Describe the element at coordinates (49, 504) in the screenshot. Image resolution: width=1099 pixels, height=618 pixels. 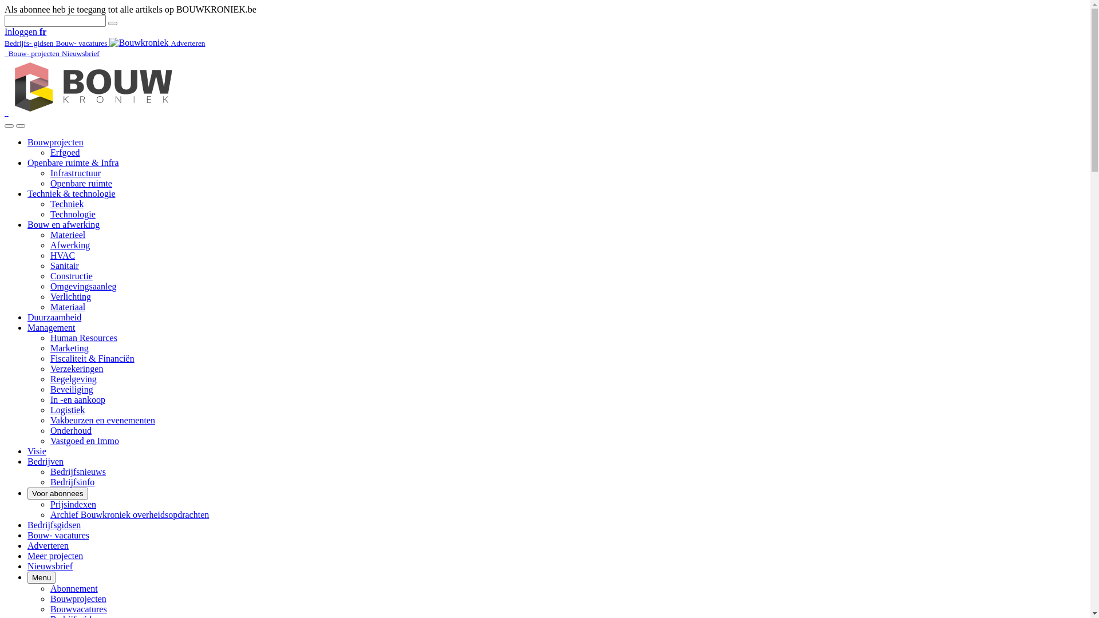
I see `'Prijsindexen'` at that location.